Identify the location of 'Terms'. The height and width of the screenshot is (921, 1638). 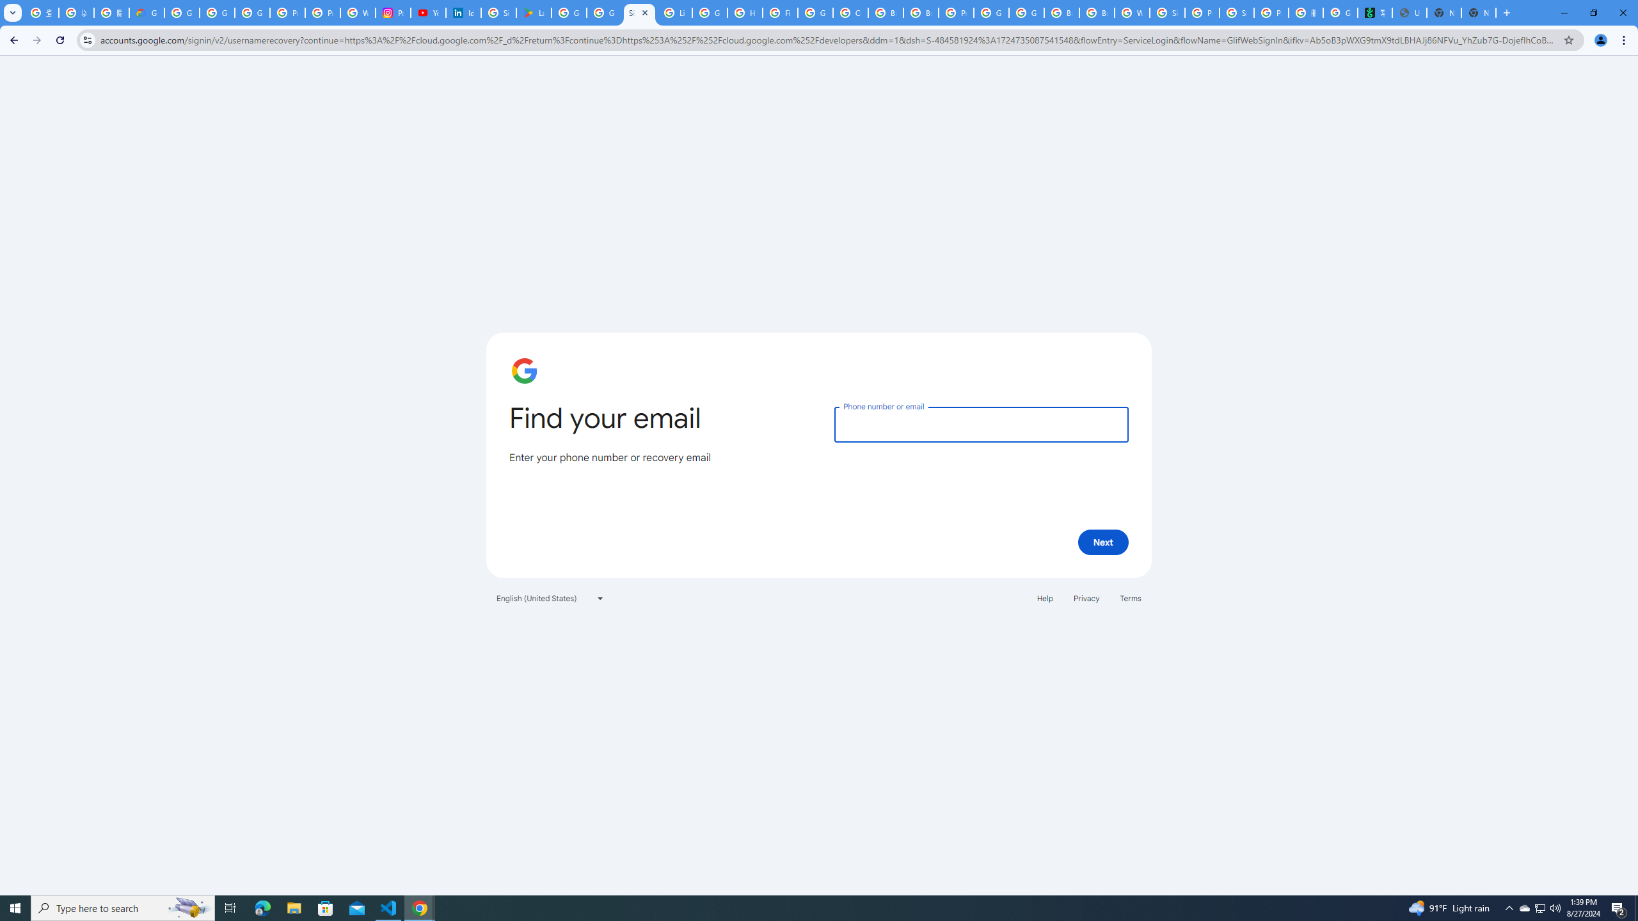
(1130, 597).